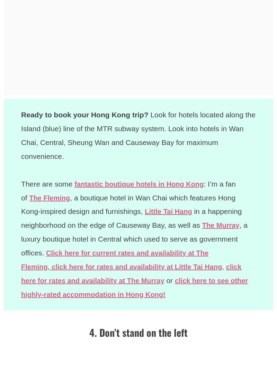  I want to click on 'The Fleming', so click(51, 197).